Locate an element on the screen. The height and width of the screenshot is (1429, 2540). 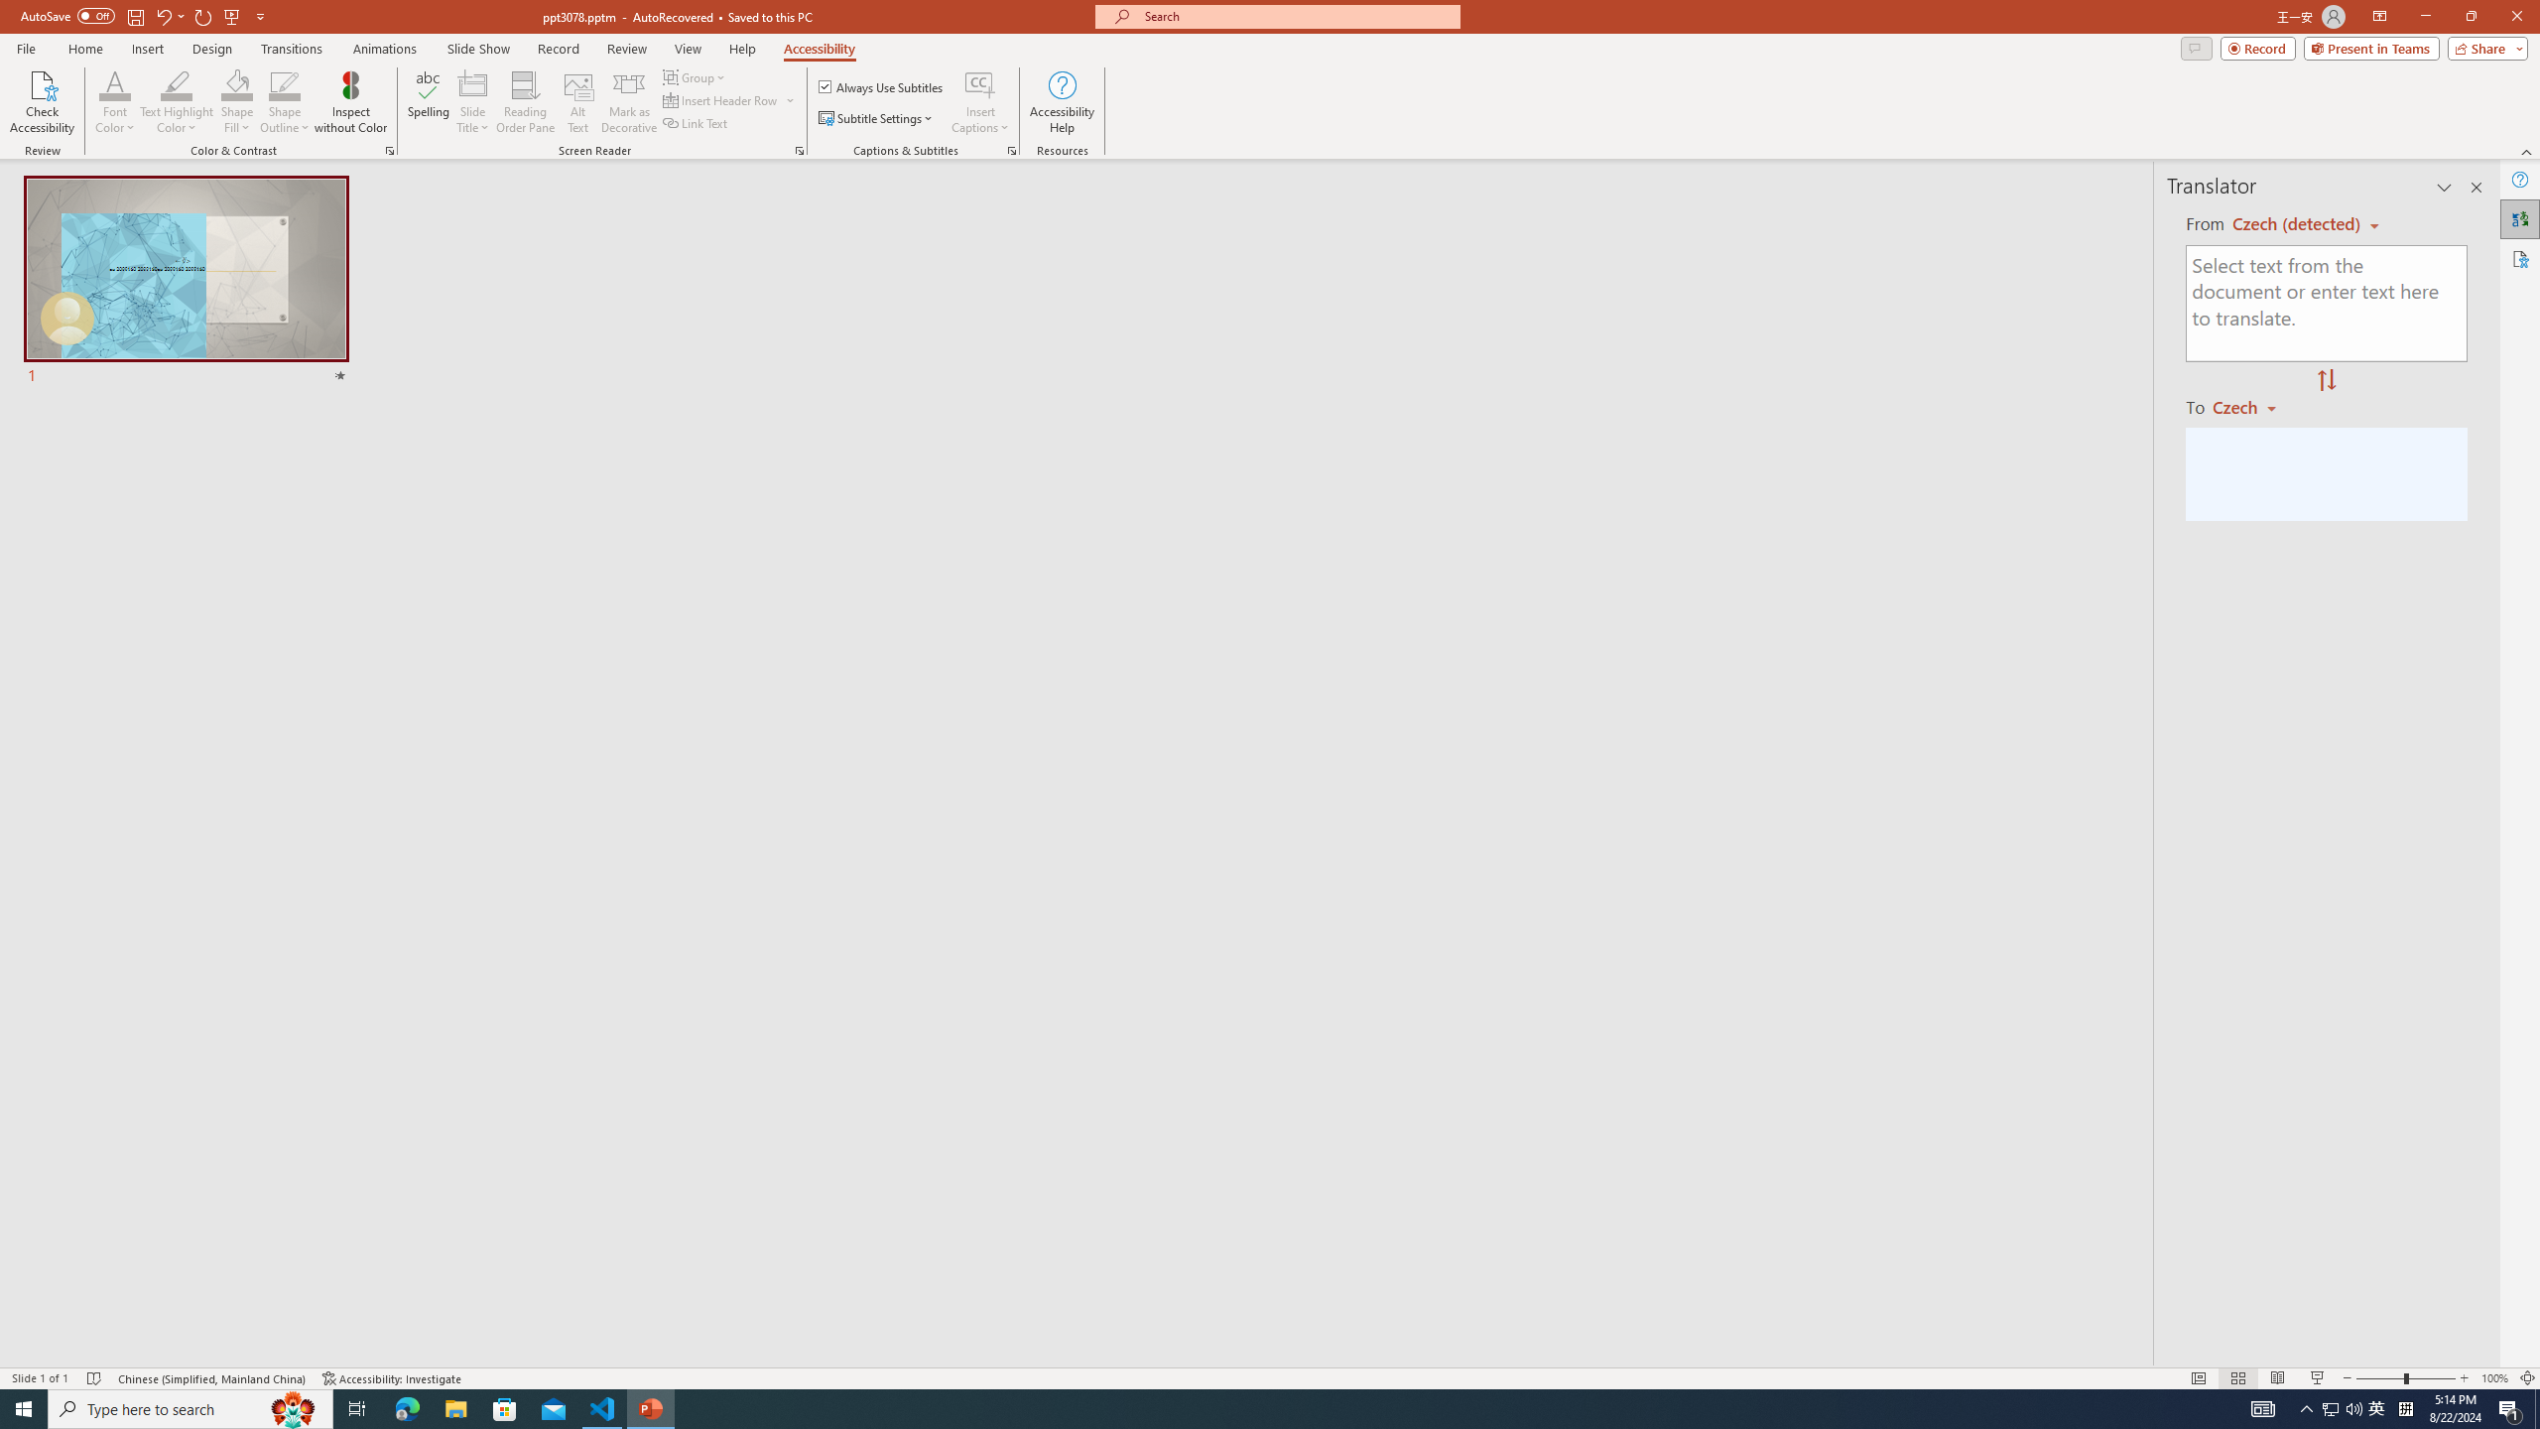
'Captions & Subtitles' is located at coordinates (1011, 149).